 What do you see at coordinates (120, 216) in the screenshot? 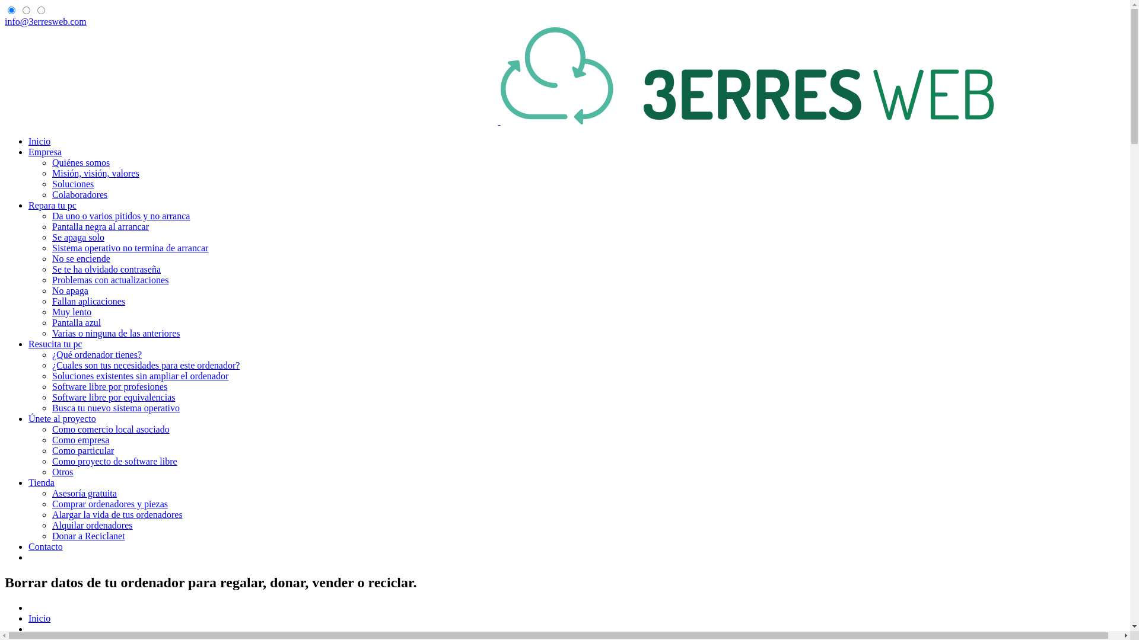
I see `'Da uno o varios pitidos y no arranca'` at bounding box center [120, 216].